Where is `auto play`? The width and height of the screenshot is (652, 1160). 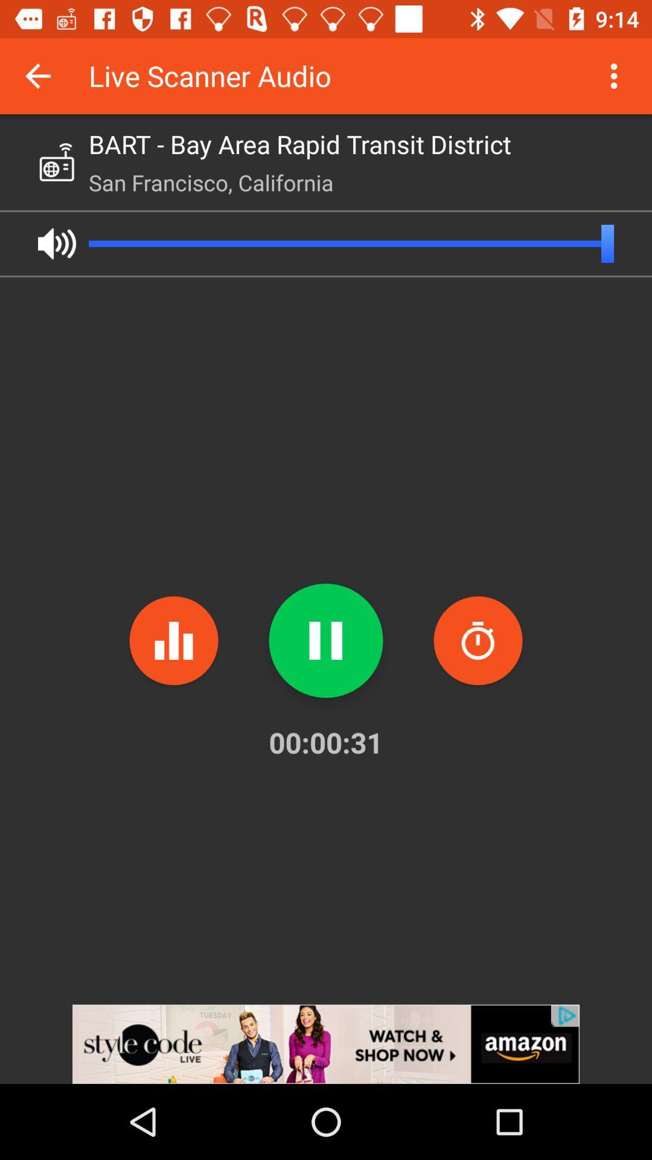 auto play is located at coordinates (57, 243).